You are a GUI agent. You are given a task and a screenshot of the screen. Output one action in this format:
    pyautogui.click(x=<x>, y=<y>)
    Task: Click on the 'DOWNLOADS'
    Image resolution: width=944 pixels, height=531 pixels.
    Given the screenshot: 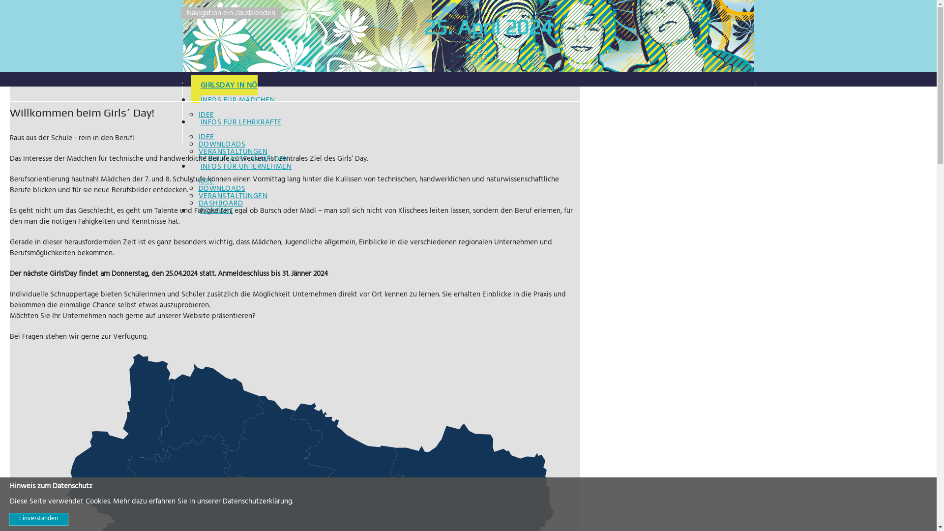 What is the action you would take?
    pyautogui.click(x=221, y=189)
    